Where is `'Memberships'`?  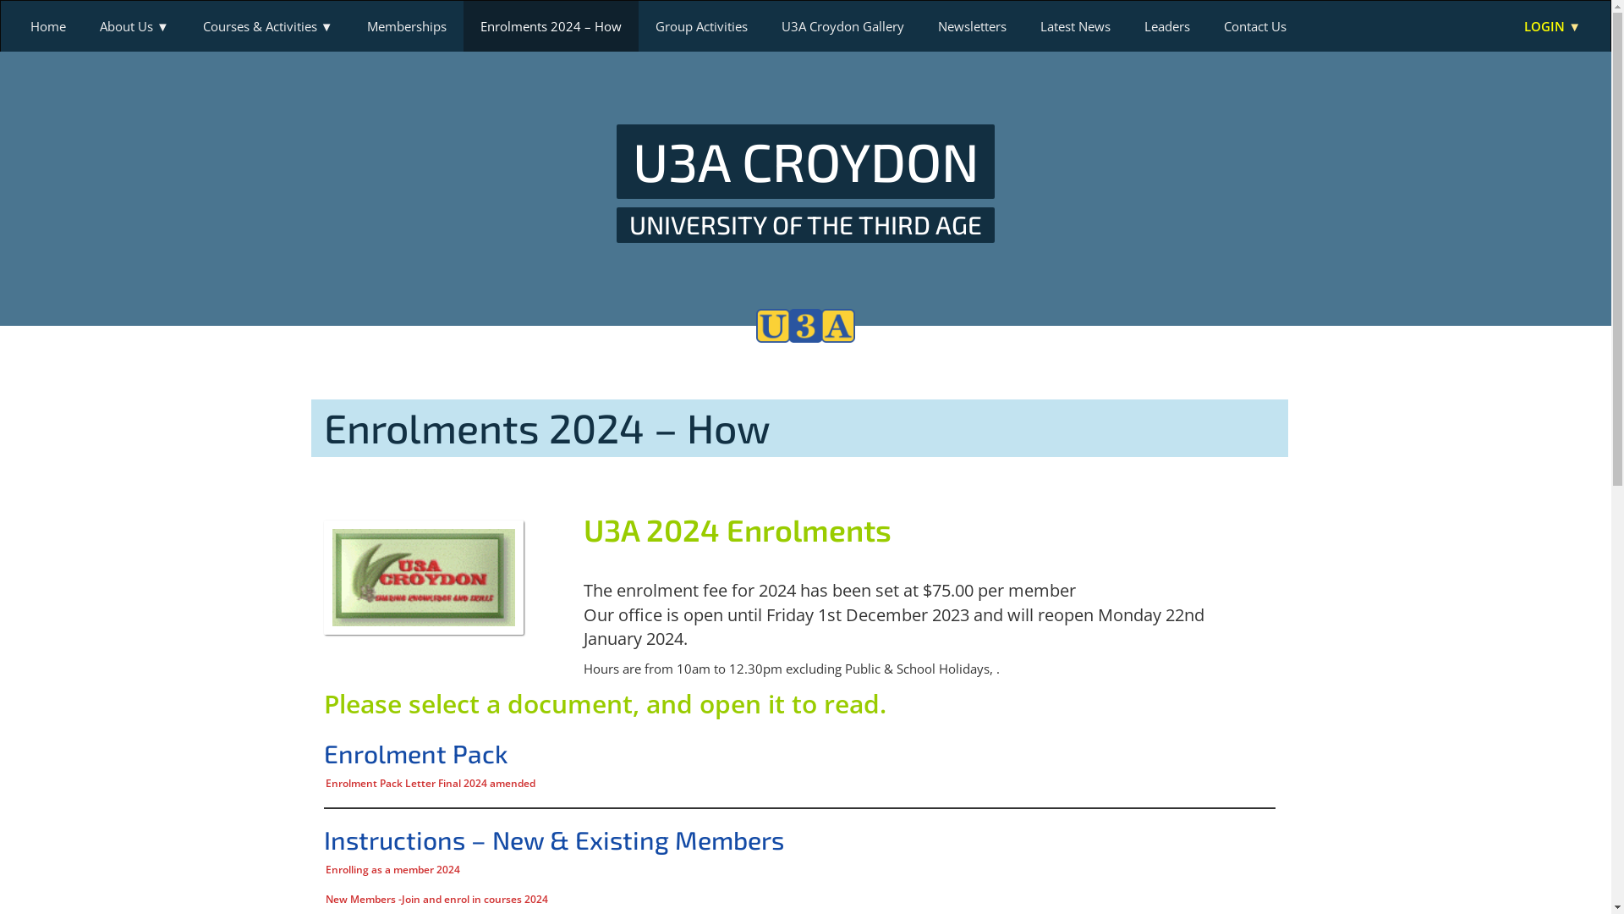
'Memberships' is located at coordinates (406, 25).